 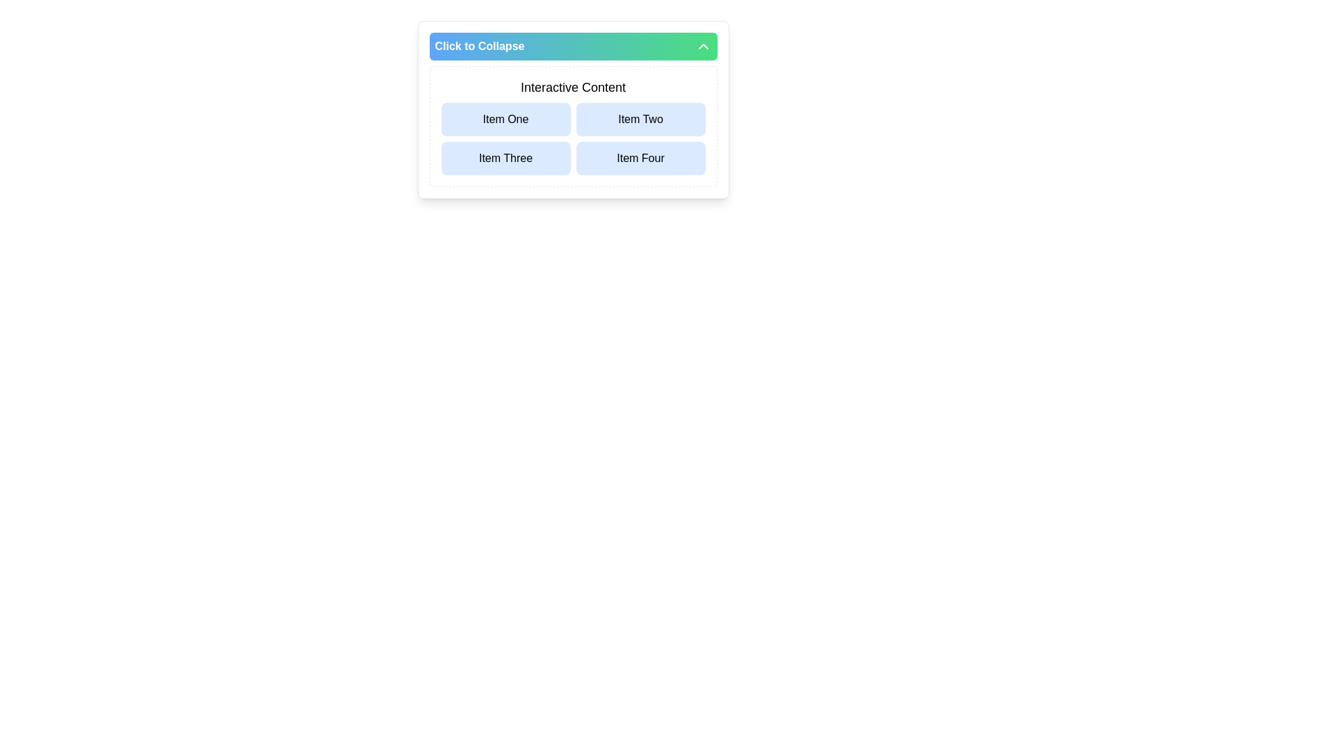 I want to click on the descriptive label located on the left side of the header section, adjacent to the collapse arrow icon, so click(x=480, y=45).